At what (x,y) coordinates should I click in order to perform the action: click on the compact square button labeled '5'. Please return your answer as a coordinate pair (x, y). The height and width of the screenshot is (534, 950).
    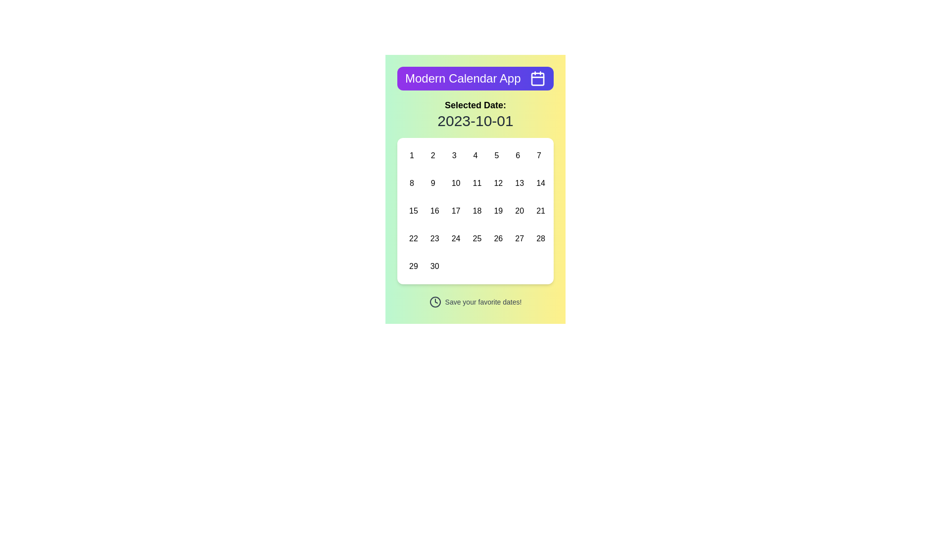
    Looking at the image, I should click on (496, 156).